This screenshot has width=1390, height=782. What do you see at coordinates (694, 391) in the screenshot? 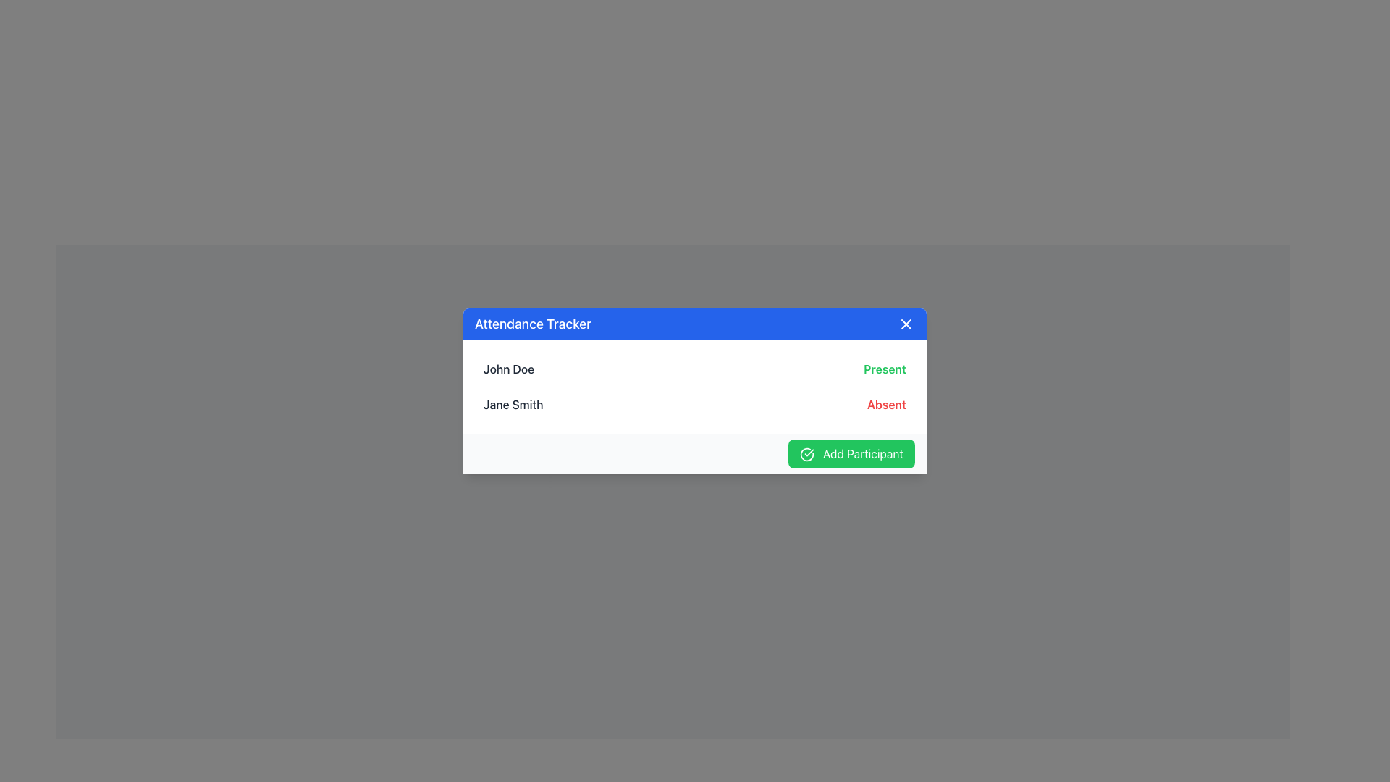
I see `within the list of participants in the Attendance Tracker modal dialog` at bounding box center [694, 391].